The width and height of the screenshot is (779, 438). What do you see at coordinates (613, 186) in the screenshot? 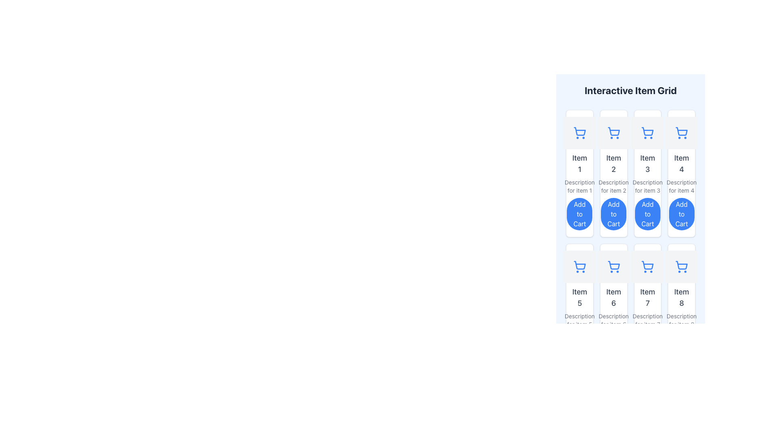
I see `text content of the label displaying 'Description for item 2', which is located below the heading 'Item 2' and above the 'Add to Cart' button in the interactive item grid` at bounding box center [613, 186].